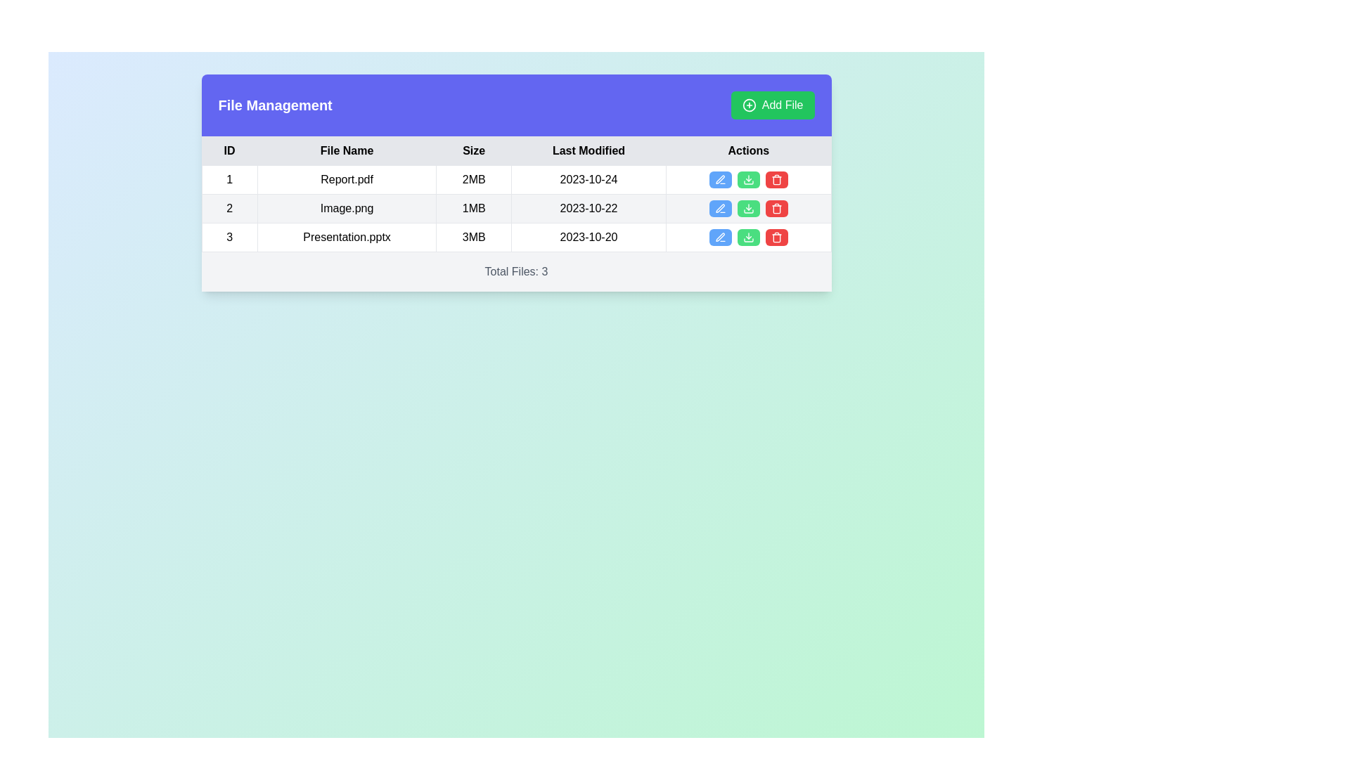  What do you see at coordinates (719, 209) in the screenshot?
I see `the first button in the 'Actions' column of the second row in the table` at bounding box center [719, 209].